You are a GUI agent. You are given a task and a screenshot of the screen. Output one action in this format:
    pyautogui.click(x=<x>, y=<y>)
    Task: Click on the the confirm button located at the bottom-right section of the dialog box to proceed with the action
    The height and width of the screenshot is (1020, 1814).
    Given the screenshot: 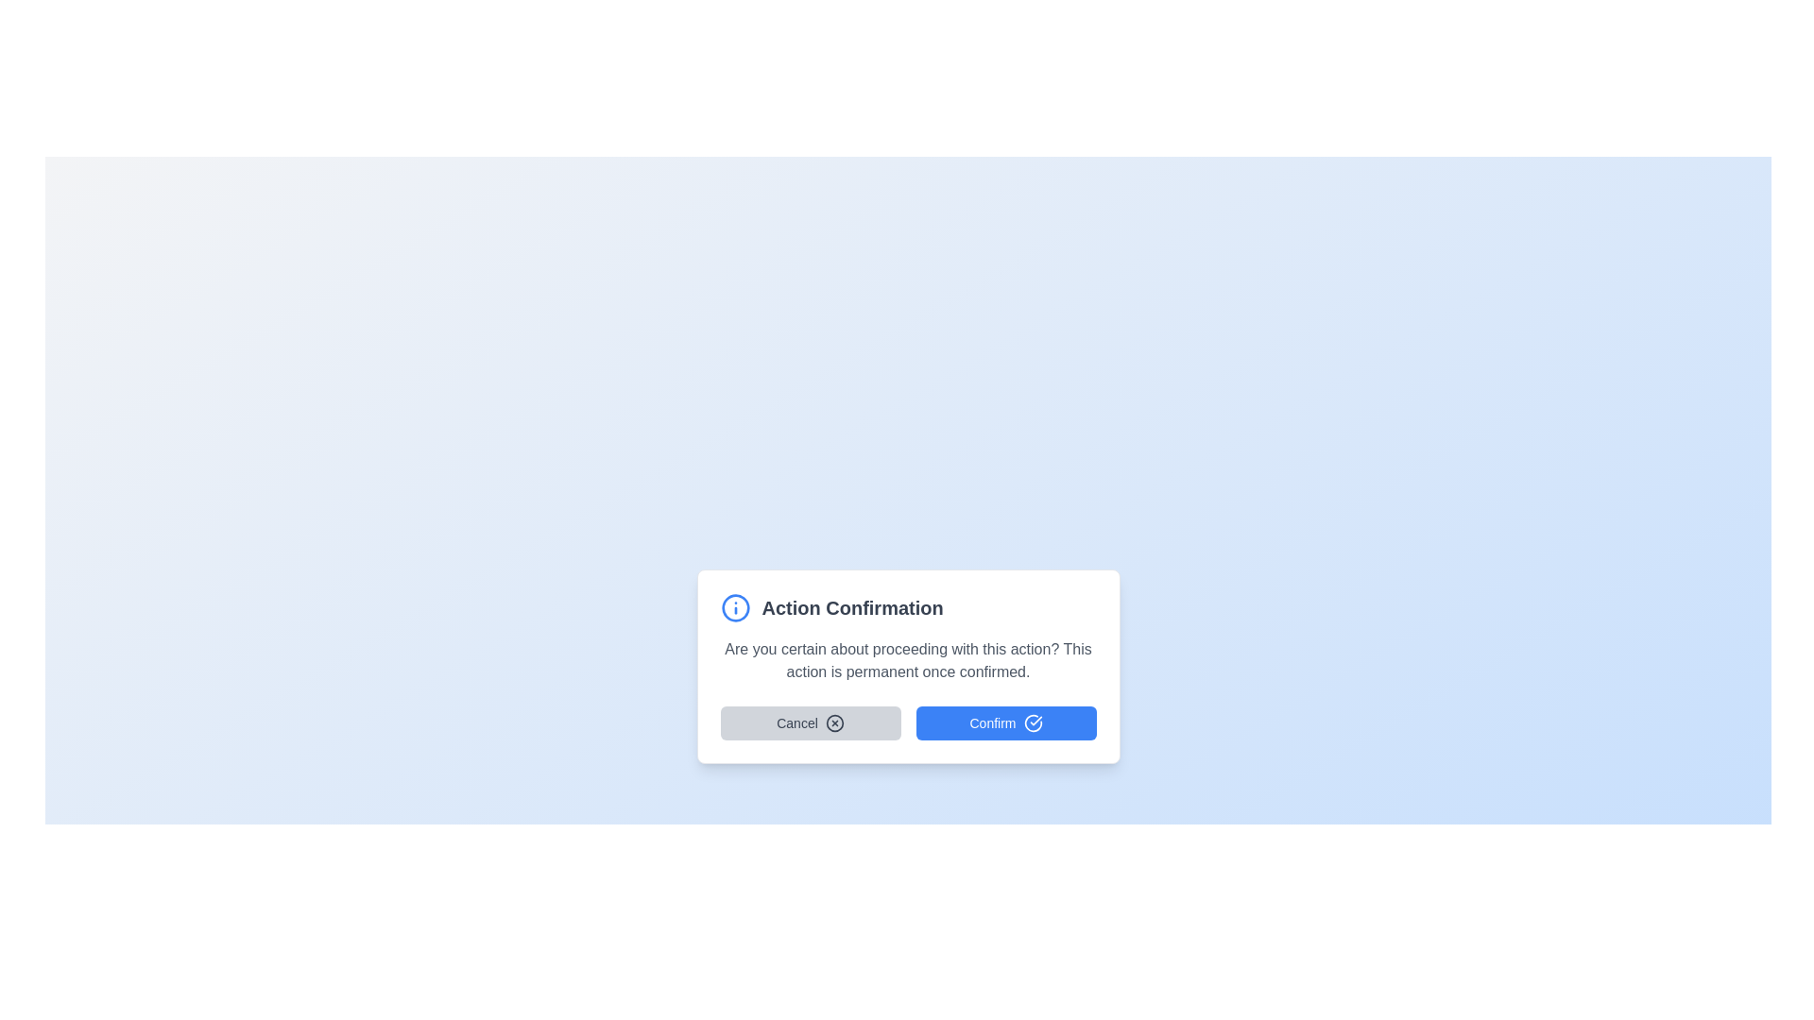 What is the action you would take?
    pyautogui.click(x=1005, y=722)
    